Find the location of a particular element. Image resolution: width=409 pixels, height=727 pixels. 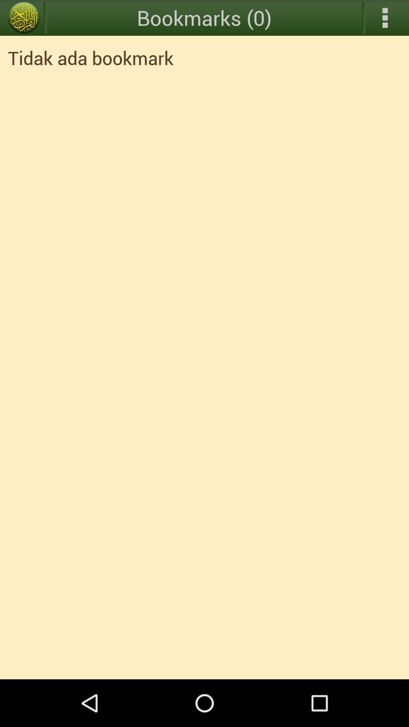

returns to homepage is located at coordinates (23, 18).